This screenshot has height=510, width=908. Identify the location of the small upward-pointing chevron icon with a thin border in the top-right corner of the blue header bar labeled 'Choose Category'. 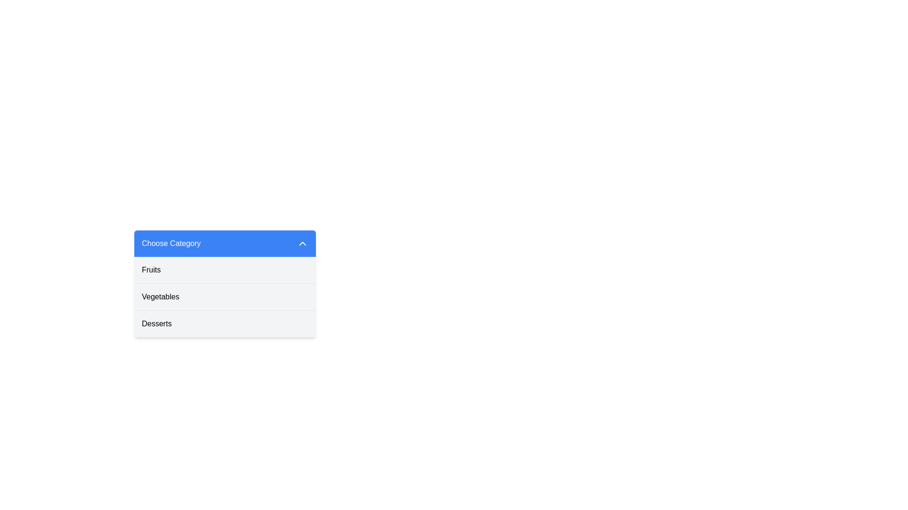
(302, 243).